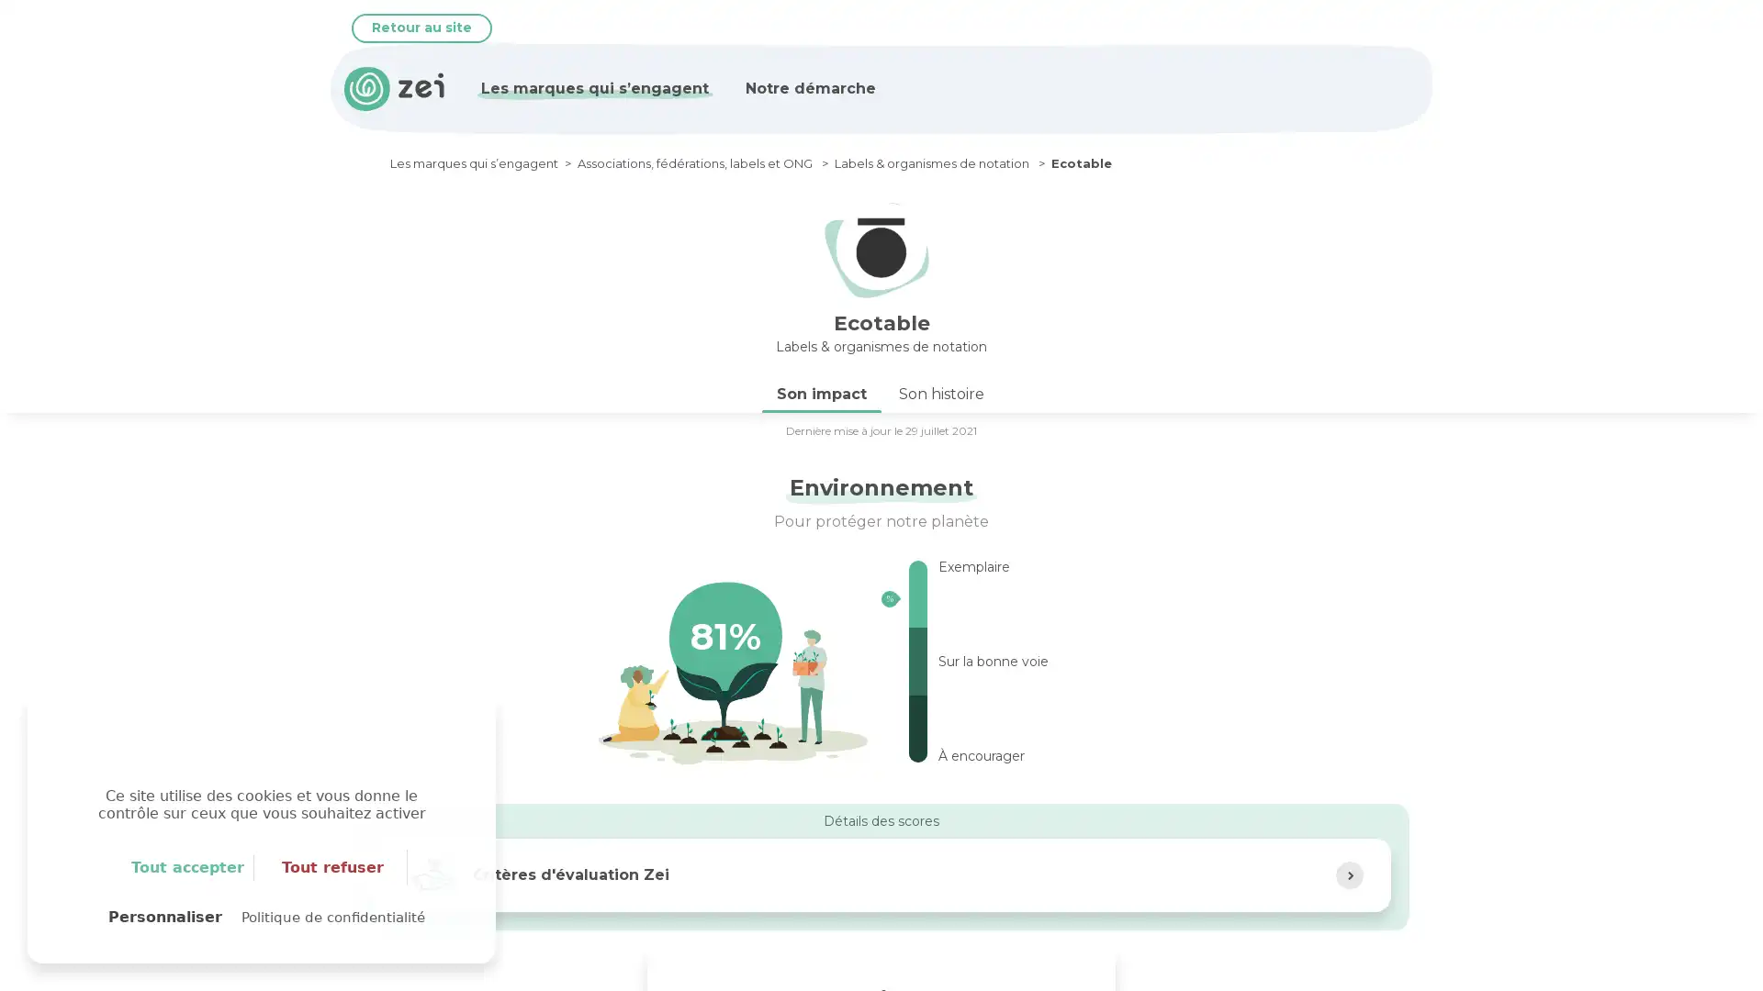 Image resolution: width=1763 pixels, height=991 pixels. Describe the element at coordinates (188, 867) in the screenshot. I see `Tout accepter` at that location.